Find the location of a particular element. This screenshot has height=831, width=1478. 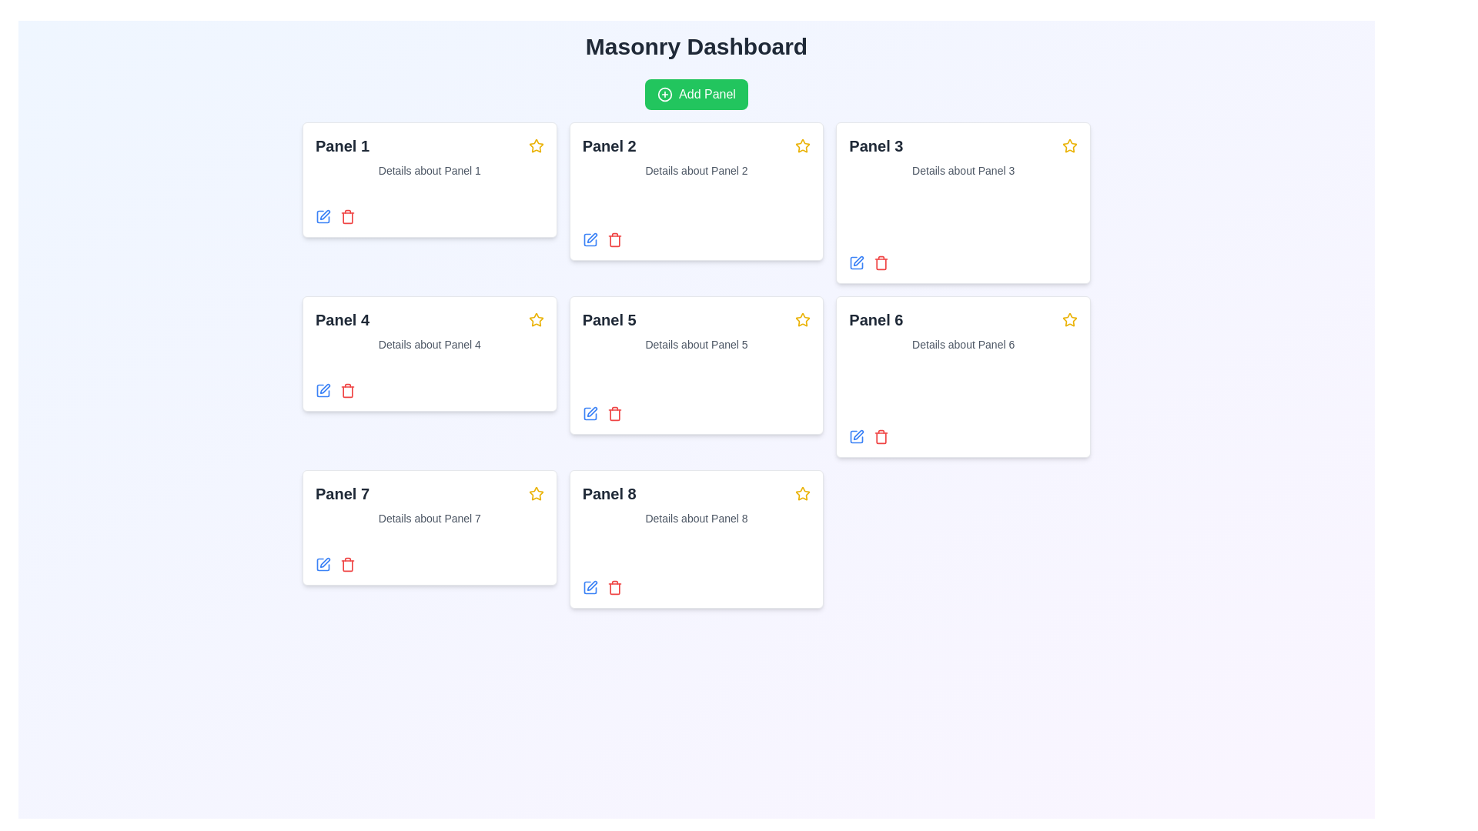

the 'Panel 5' text label, which is a bold, dark gray label at the top-left corner of a white card interface is located at coordinates (608, 319).